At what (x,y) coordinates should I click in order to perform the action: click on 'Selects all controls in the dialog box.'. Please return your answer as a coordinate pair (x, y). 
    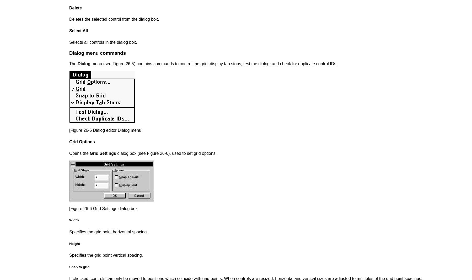
    Looking at the image, I should click on (103, 42).